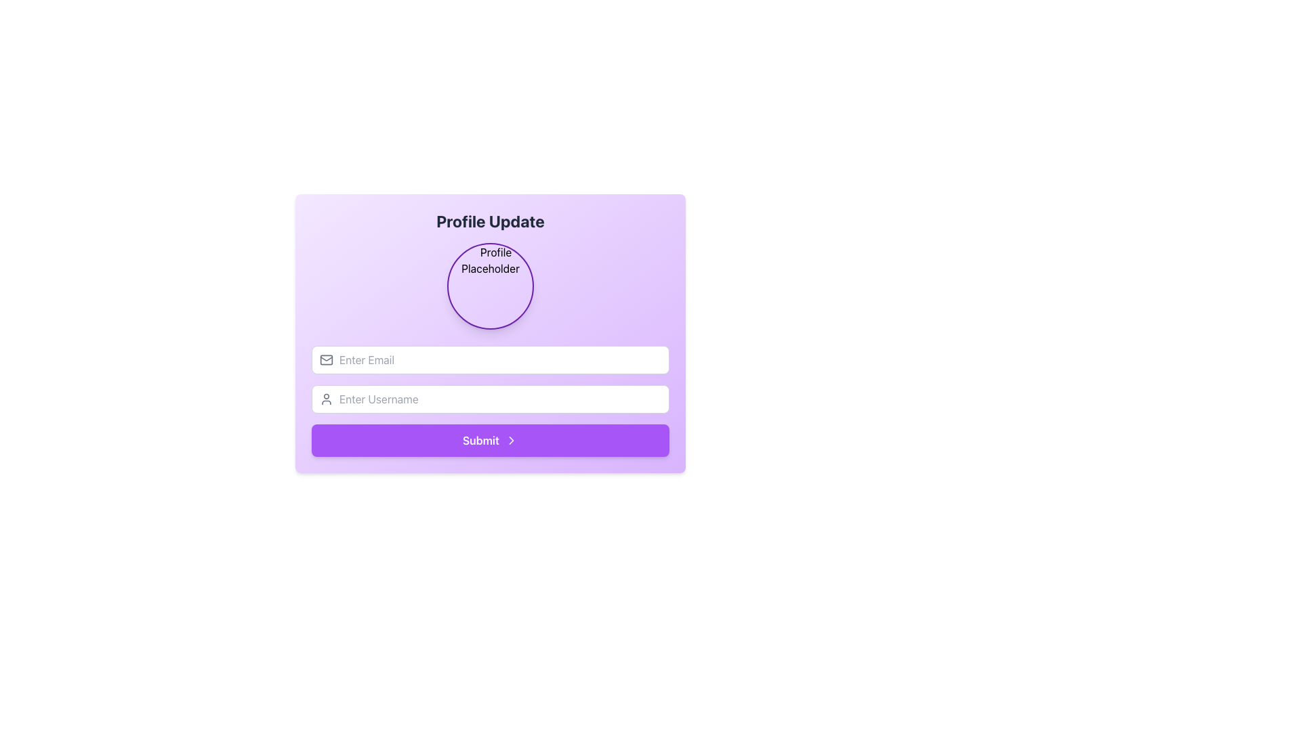  I want to click on the light gray rectangular icon with rounded corners that forms the background of the mail envelope, located to the left of the 'Enter Email' text input field, so click(326, 359).